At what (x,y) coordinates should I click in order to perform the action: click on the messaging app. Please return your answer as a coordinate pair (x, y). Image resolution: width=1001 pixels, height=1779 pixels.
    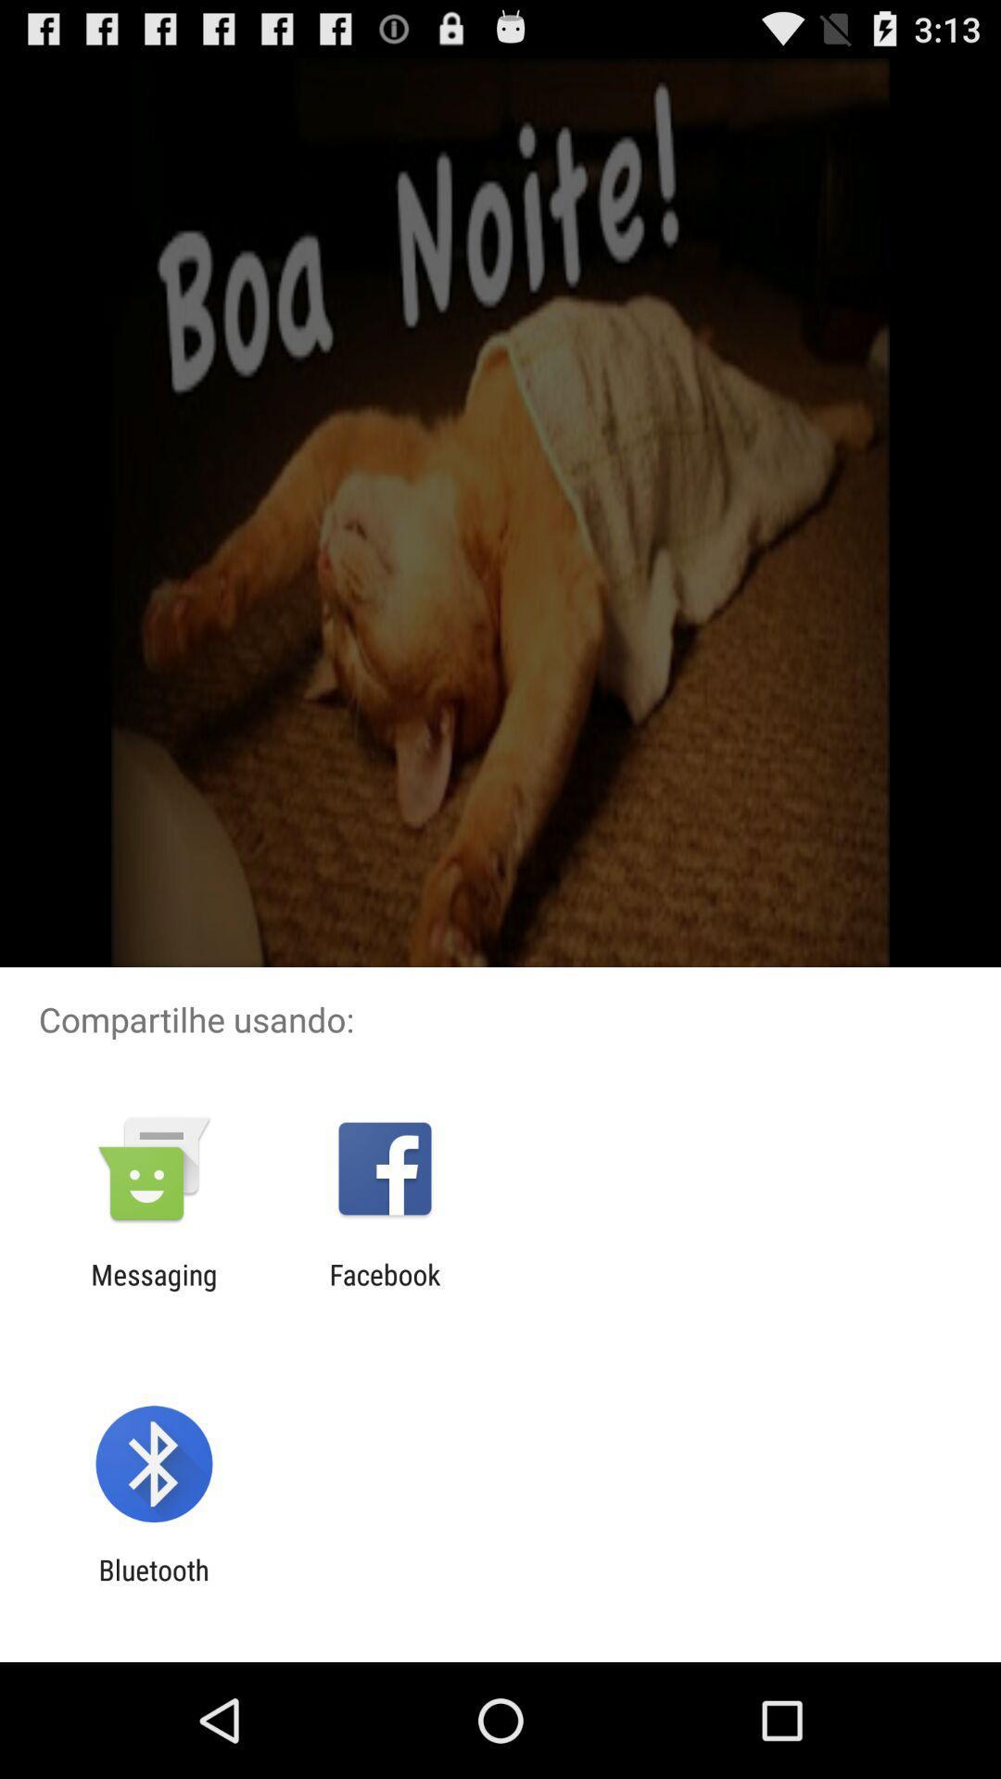
    Looking at the image, I should click on (153, 1290).